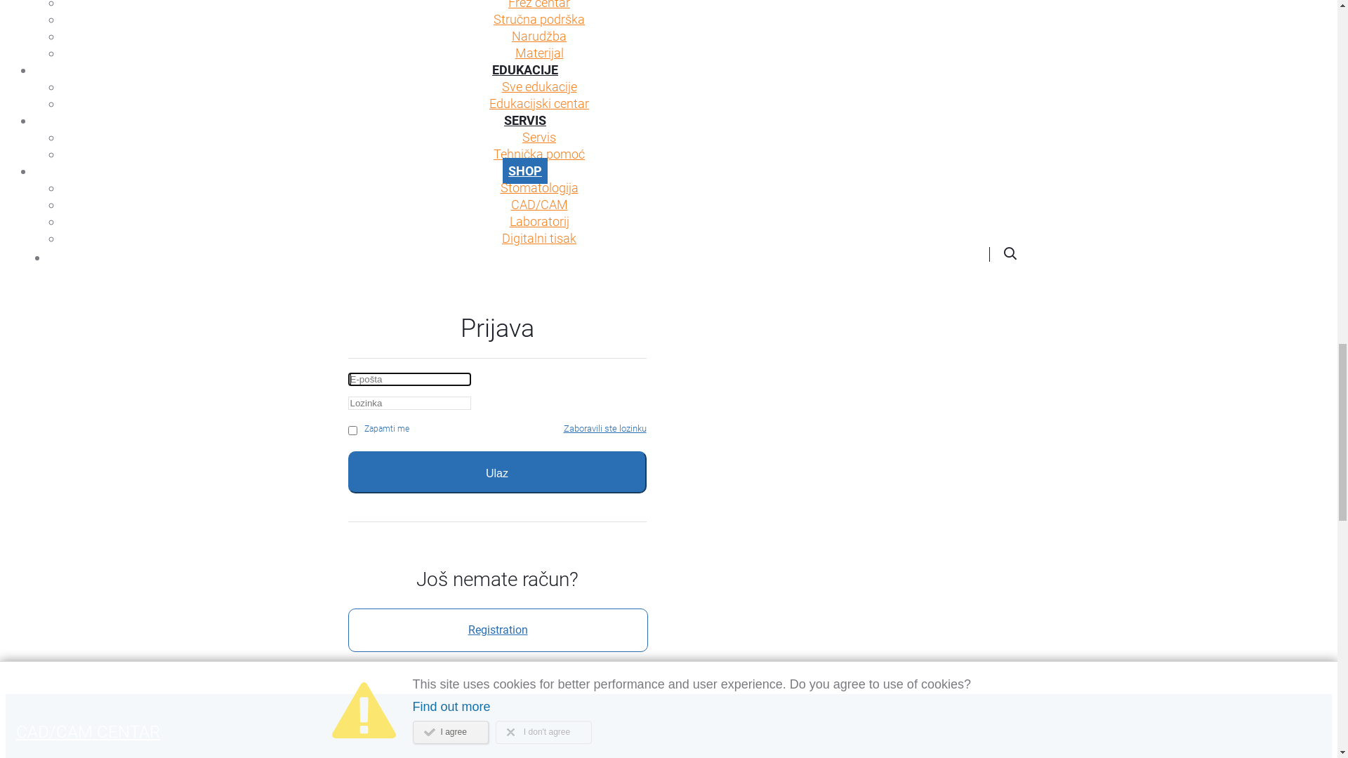 This screenshot has height=758, width=1348. What do you see at coordinates (538, 505) in the screenshot?
I see `'Materijali za reparature'` at bounding box center [538, 505].